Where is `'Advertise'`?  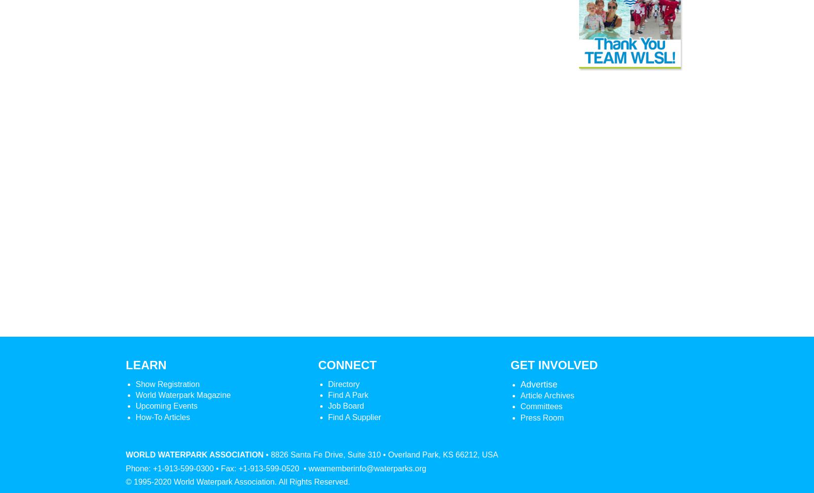 'Advertise' is located at coordinates (539, 384).